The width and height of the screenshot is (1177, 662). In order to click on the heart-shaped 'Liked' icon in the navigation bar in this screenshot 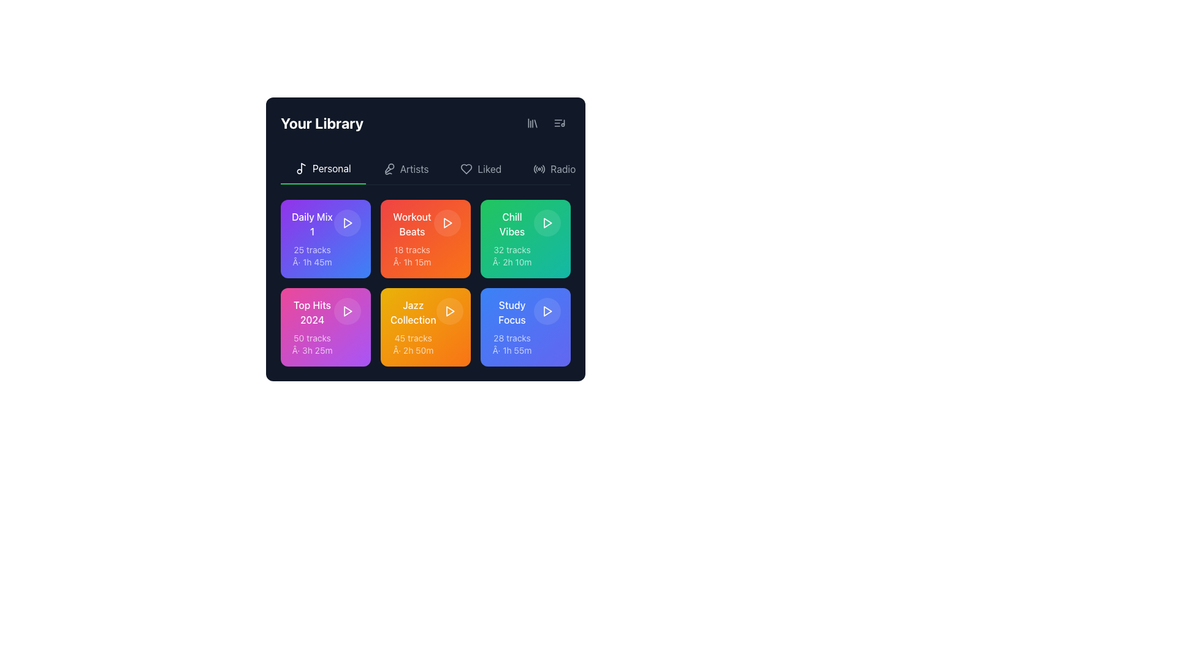, I will do `click(466, 169)`.